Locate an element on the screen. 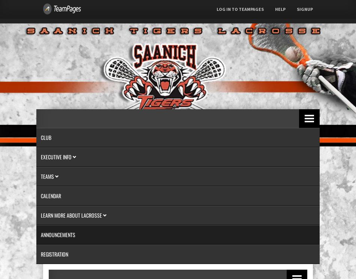  'Calendar' is located at coordinates (40, 196).